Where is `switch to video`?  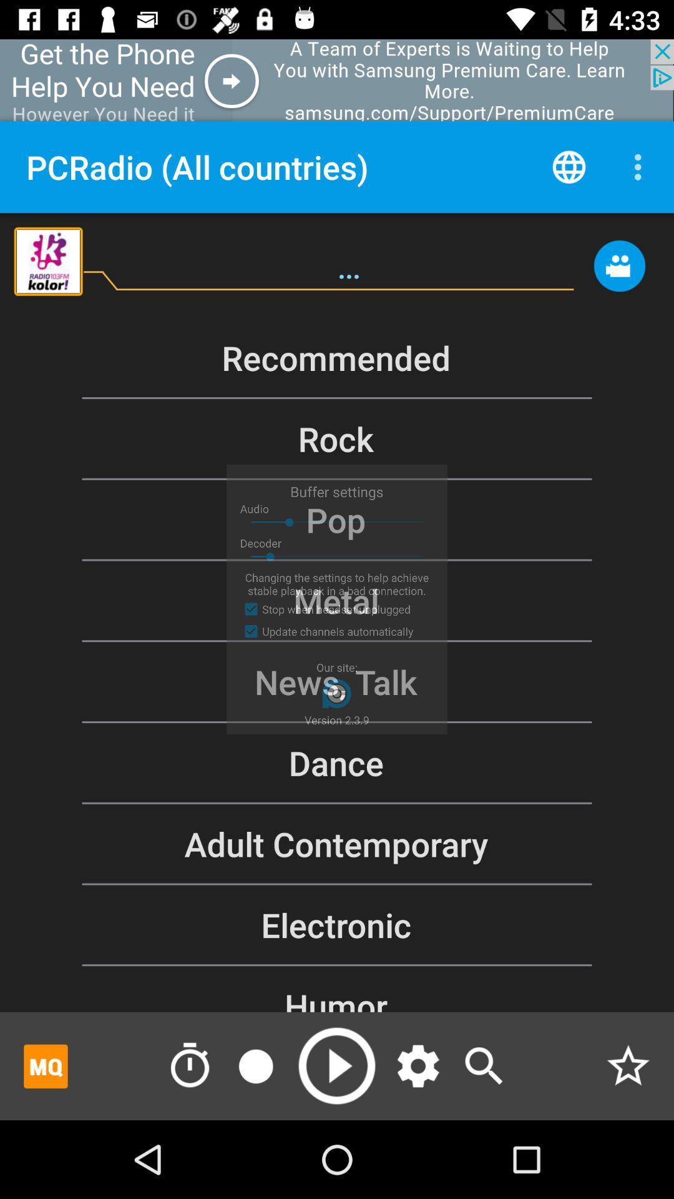
switch to video is located at coordinates (619, 271).